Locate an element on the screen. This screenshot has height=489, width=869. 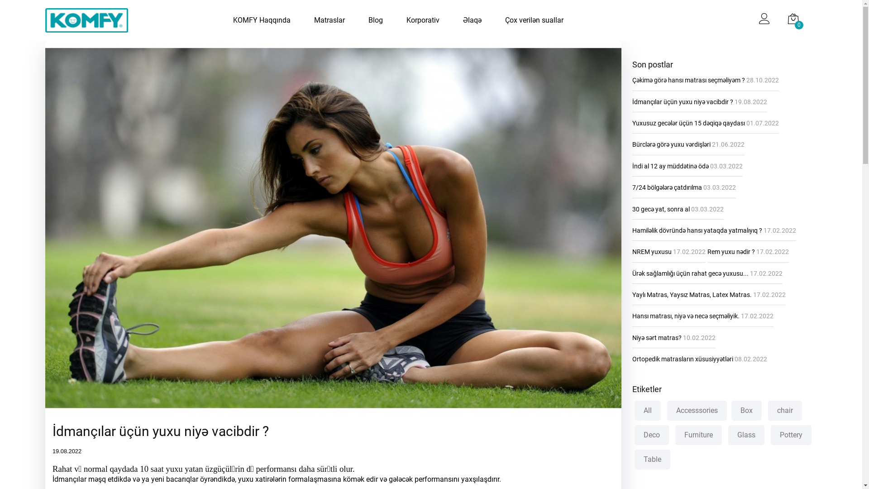
'chair' is located at coordinates (768, 410).